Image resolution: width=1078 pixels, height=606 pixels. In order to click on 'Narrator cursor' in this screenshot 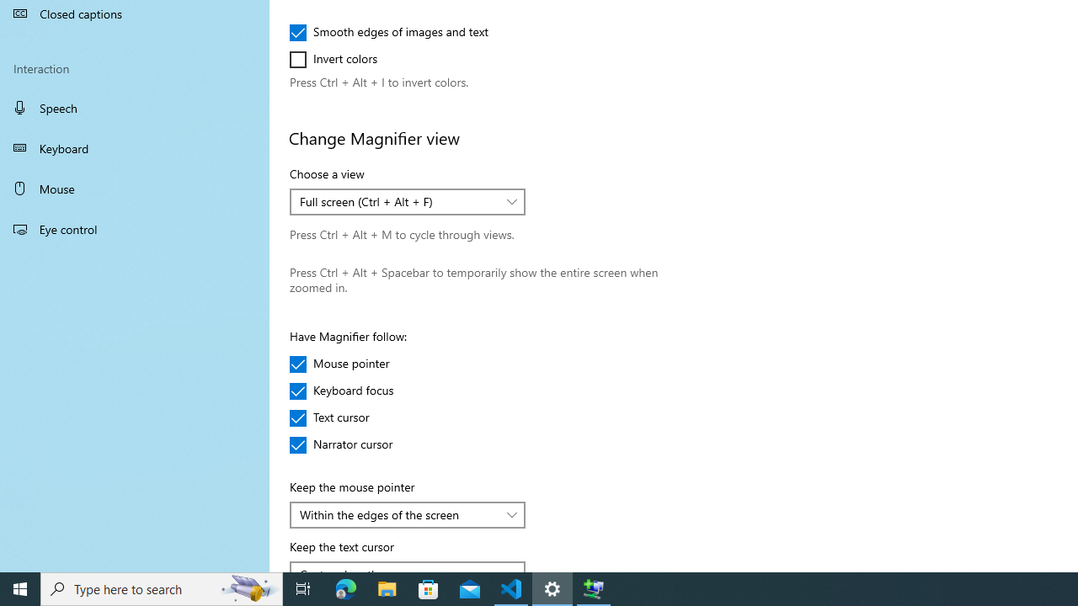, I will do `click(340, 444)`.